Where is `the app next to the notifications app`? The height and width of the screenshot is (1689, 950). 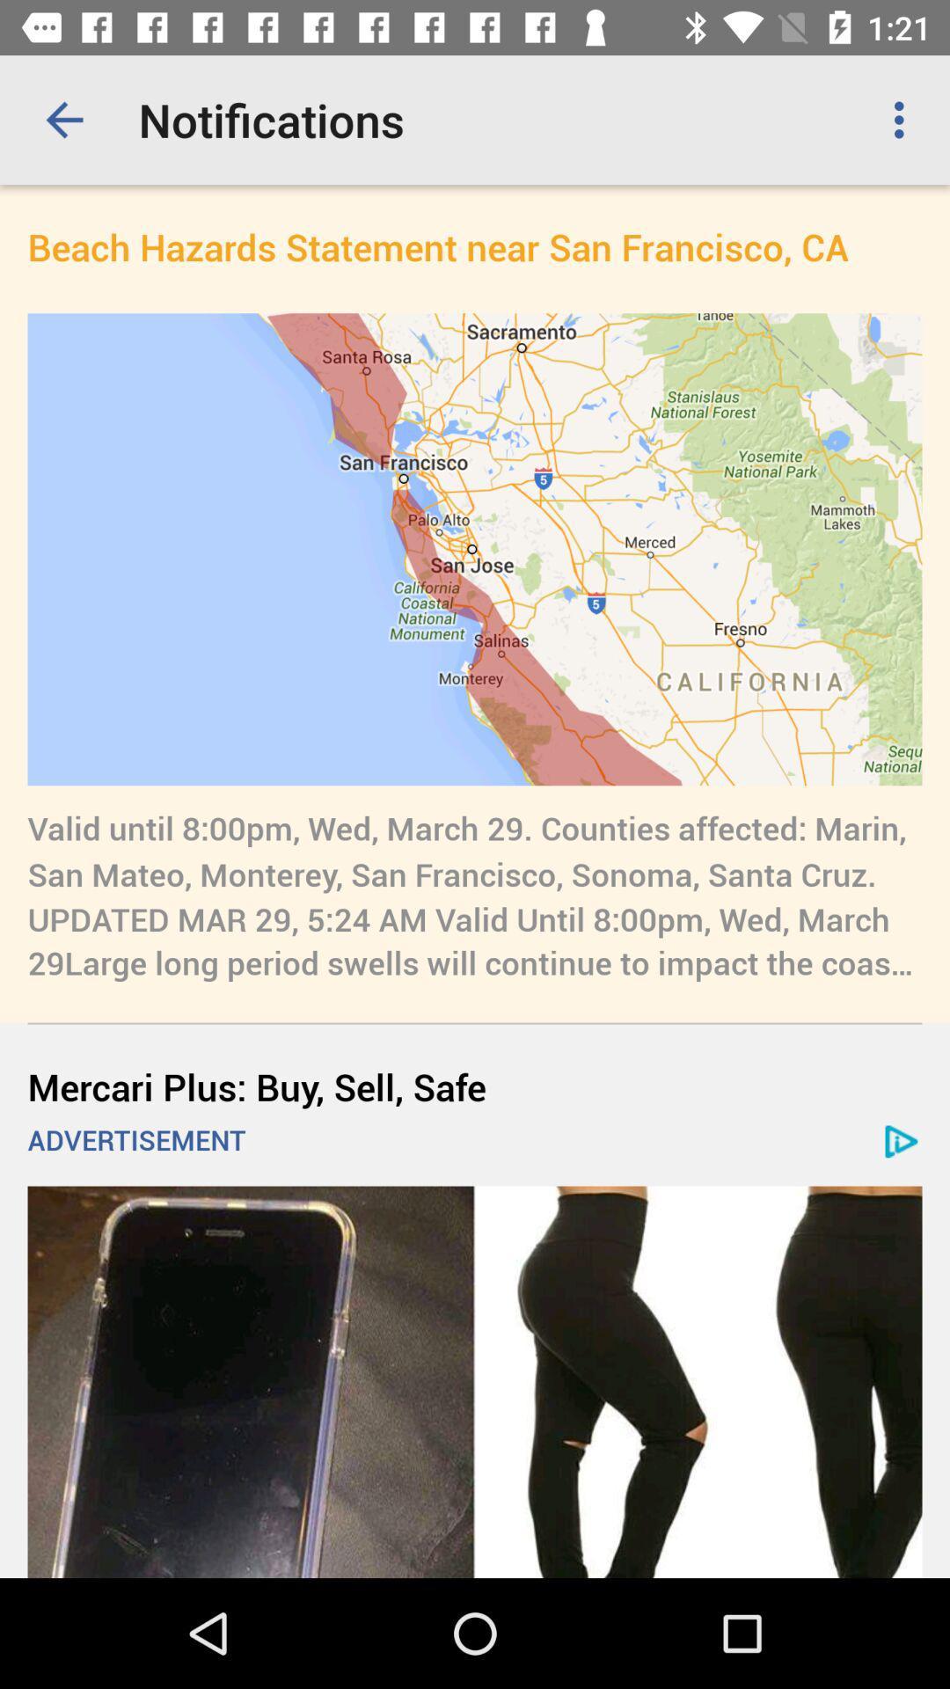 the app next to the notifications app is located at coordinates (903, 119).